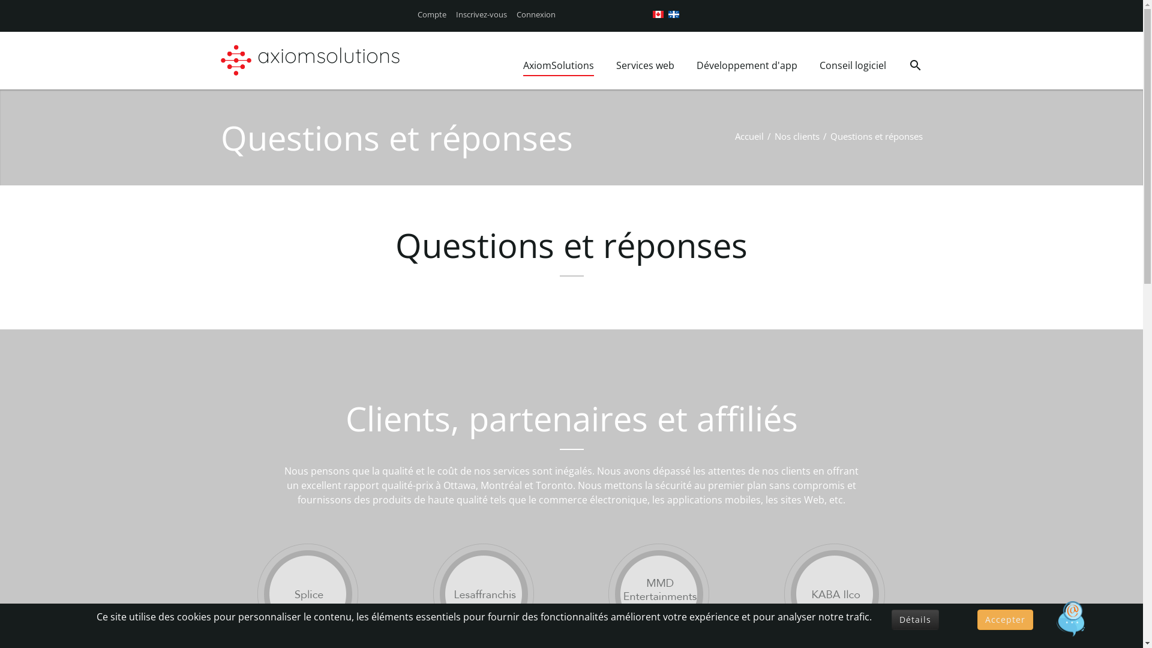 Image resolution: width=1152 pixels, height=648 pixels. What do you see at coordinates (644, 67) in the screenshot?
I see `'Services web'` at bounding box center [644, 67].